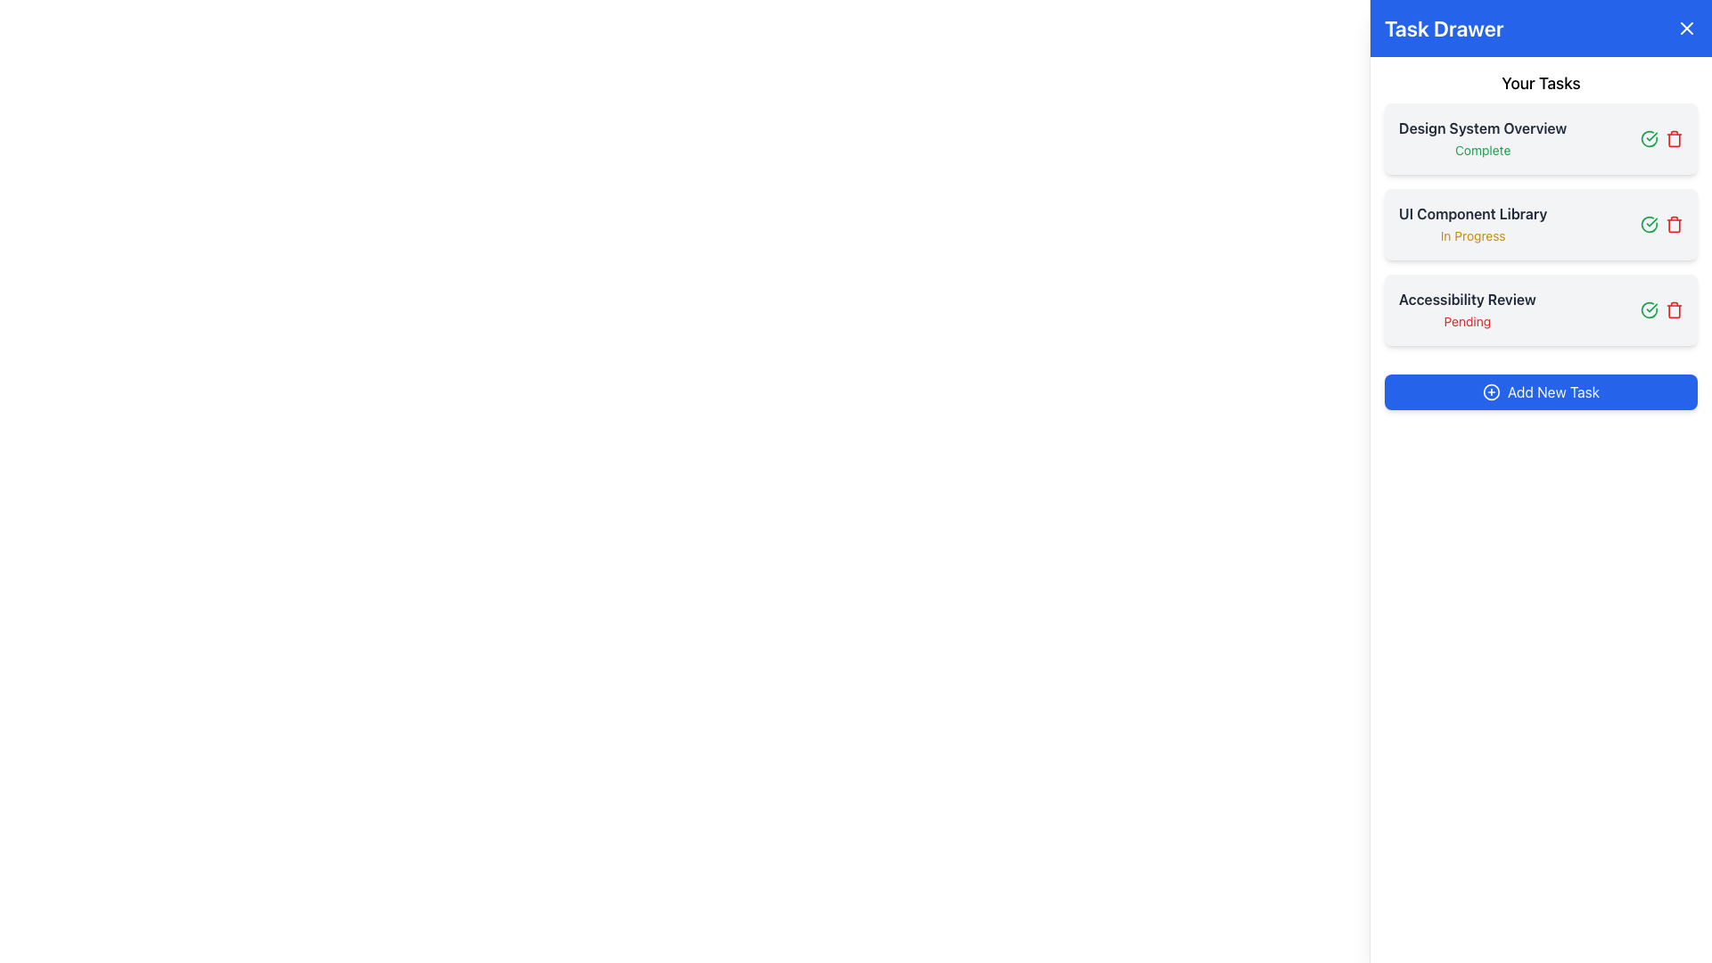 The height and width of the screenshot is (963, 1712). What do you see at coordinates (1483, 127) in the screenshot?
I see `the text label that serves as a title or identifier for the corresponding task in the 'Your Tasks' section of the 'Task Drawer' sidebar, located above the green 'Complete' status text` at bounding box center [1483, 127].